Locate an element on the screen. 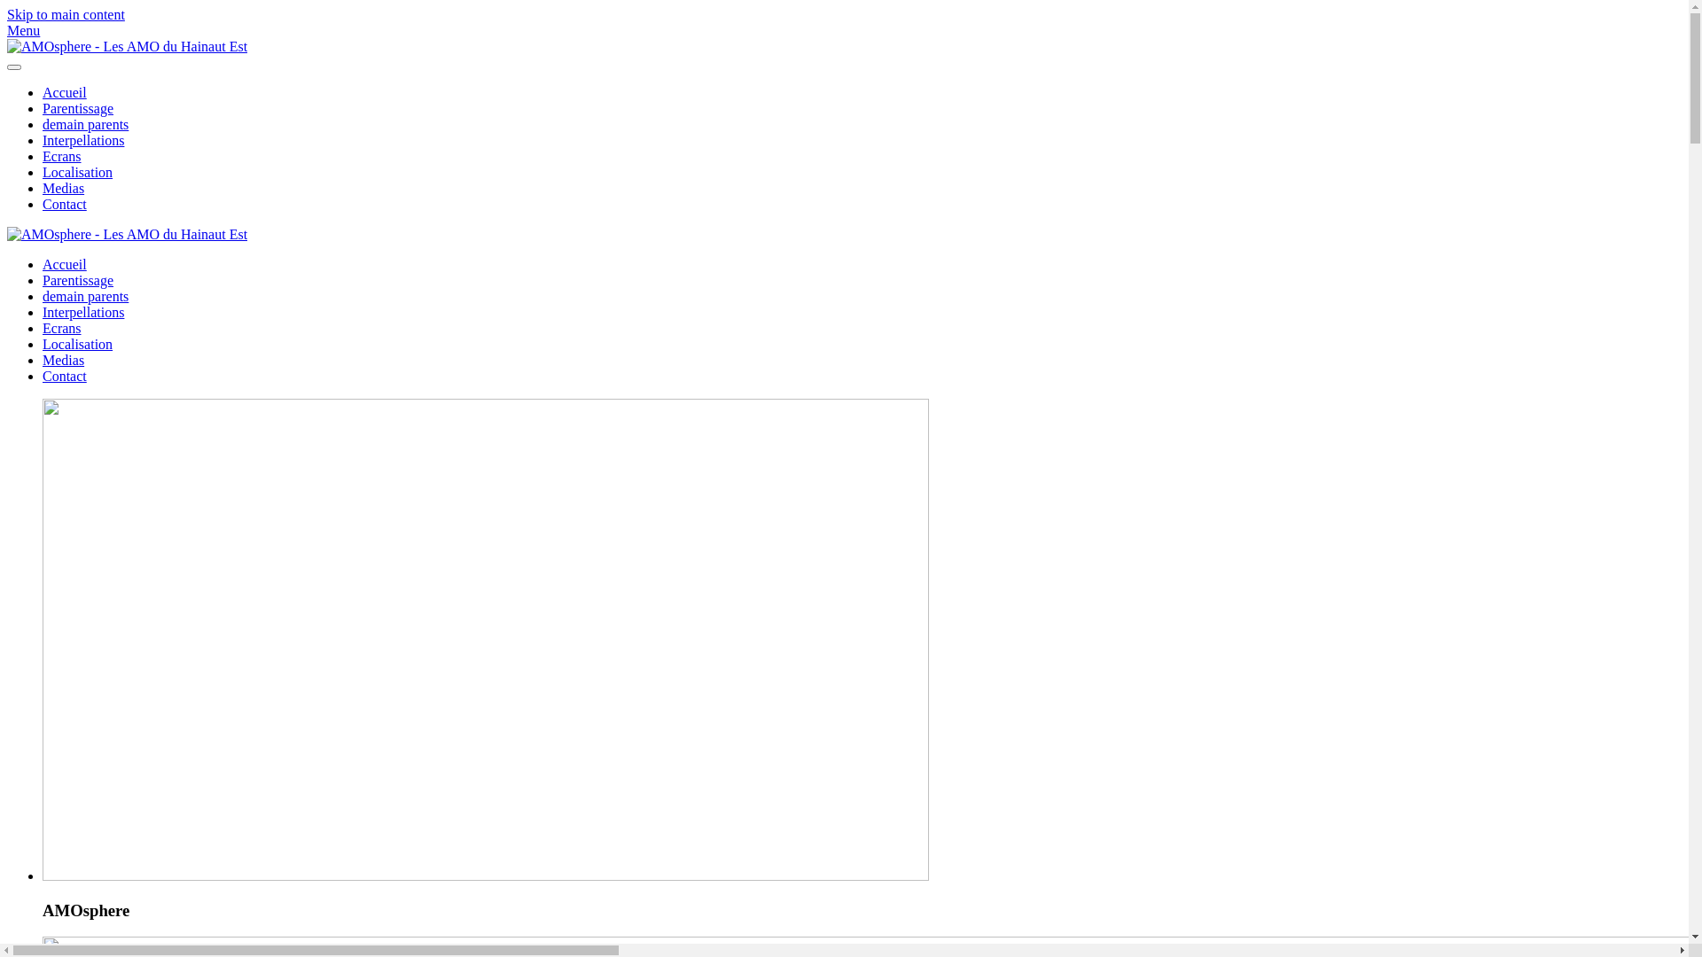  'Contact' is located at coordinates (64, 375).